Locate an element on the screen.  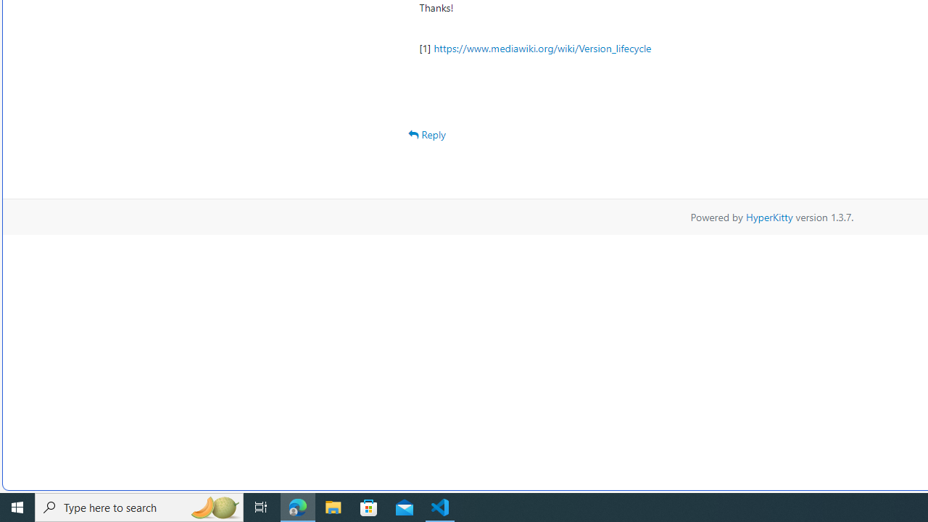
'https://www.mediawiki.org/wiki/Version_lifecycle' is located at coordinates (542, 47).